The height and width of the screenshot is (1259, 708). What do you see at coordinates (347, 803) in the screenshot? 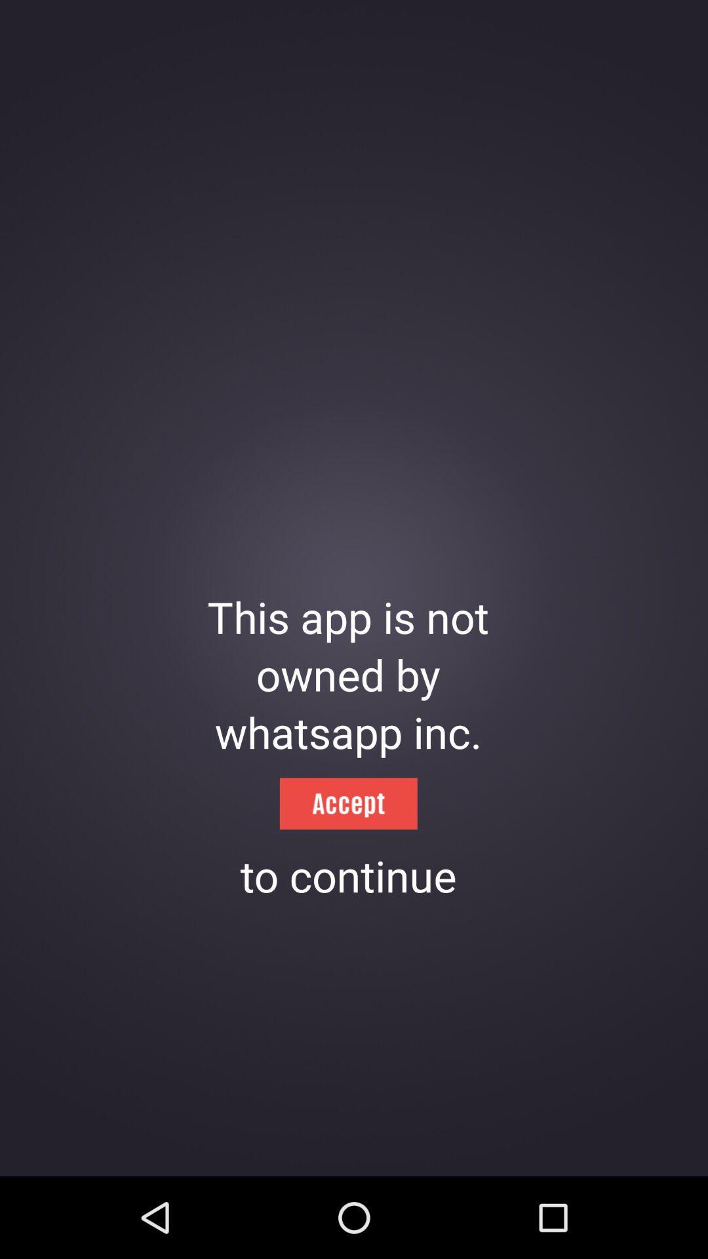
I see `the icon below whatsapp inc. icon` at bounding box center [347, 803].